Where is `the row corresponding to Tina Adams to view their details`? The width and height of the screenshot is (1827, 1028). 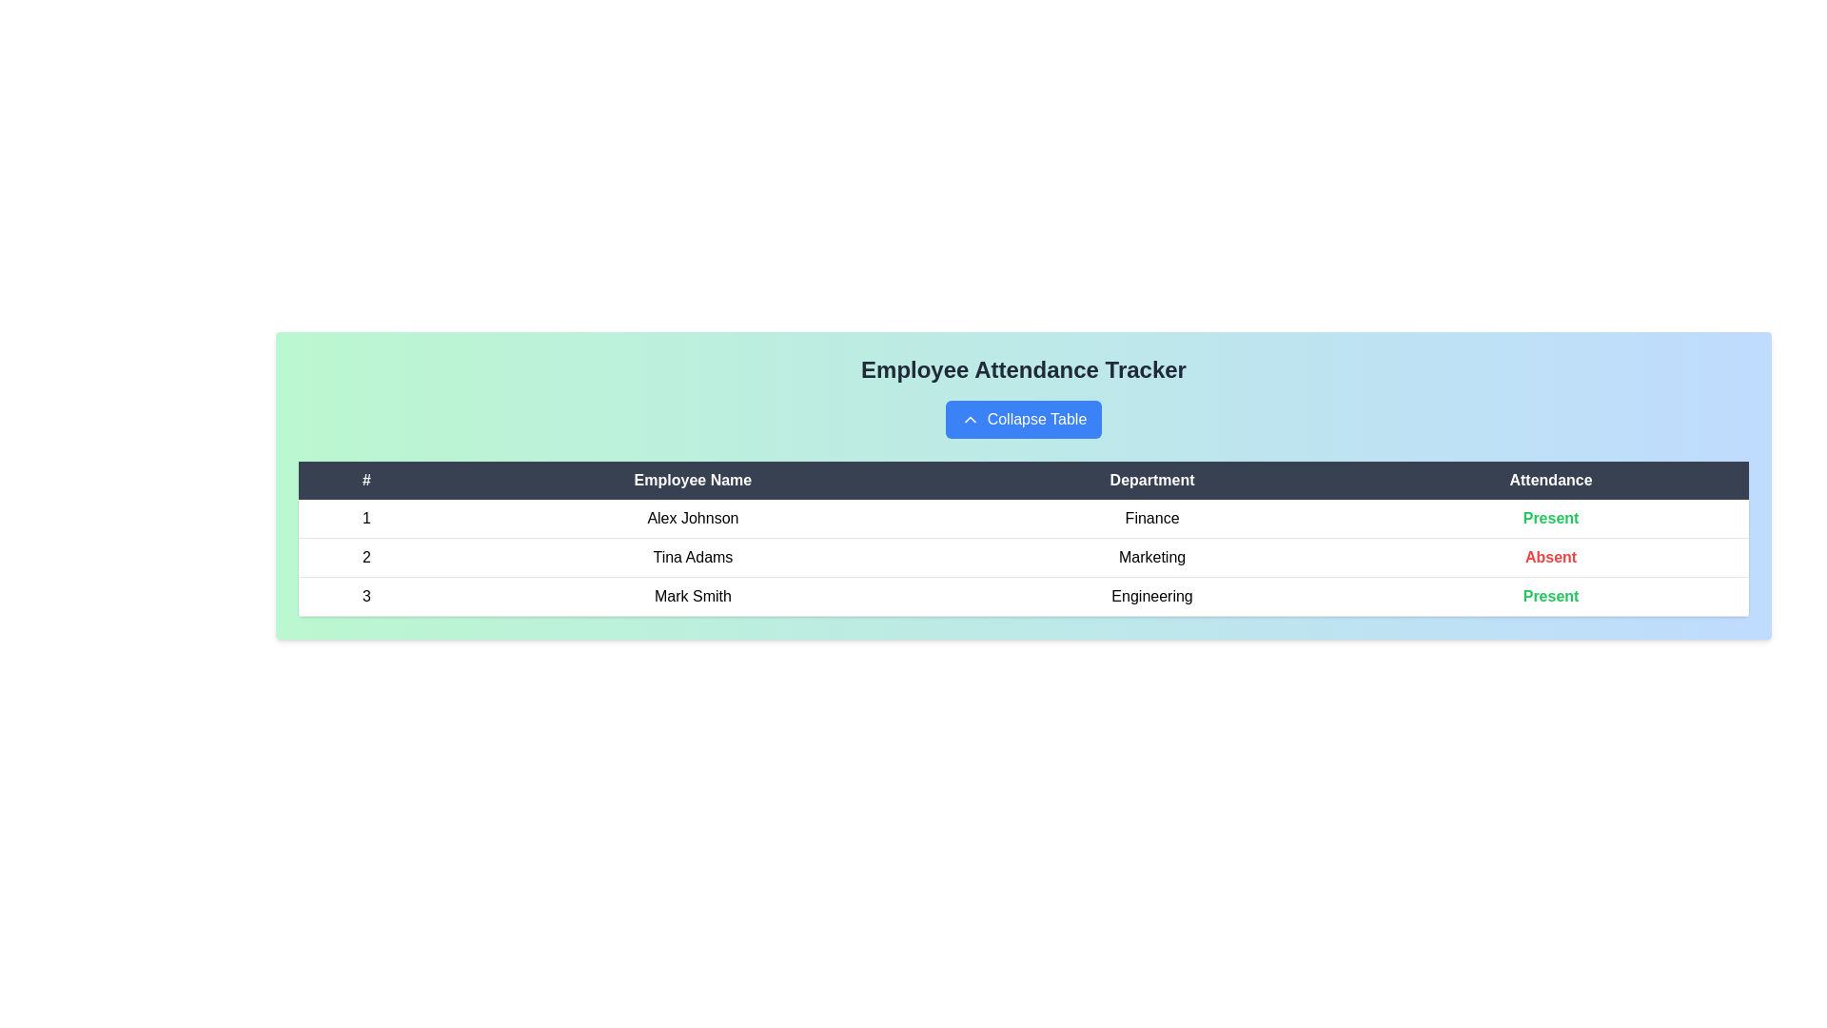 the row corresponding to Tina Adams to view their details is located at coordinates (692, 557).